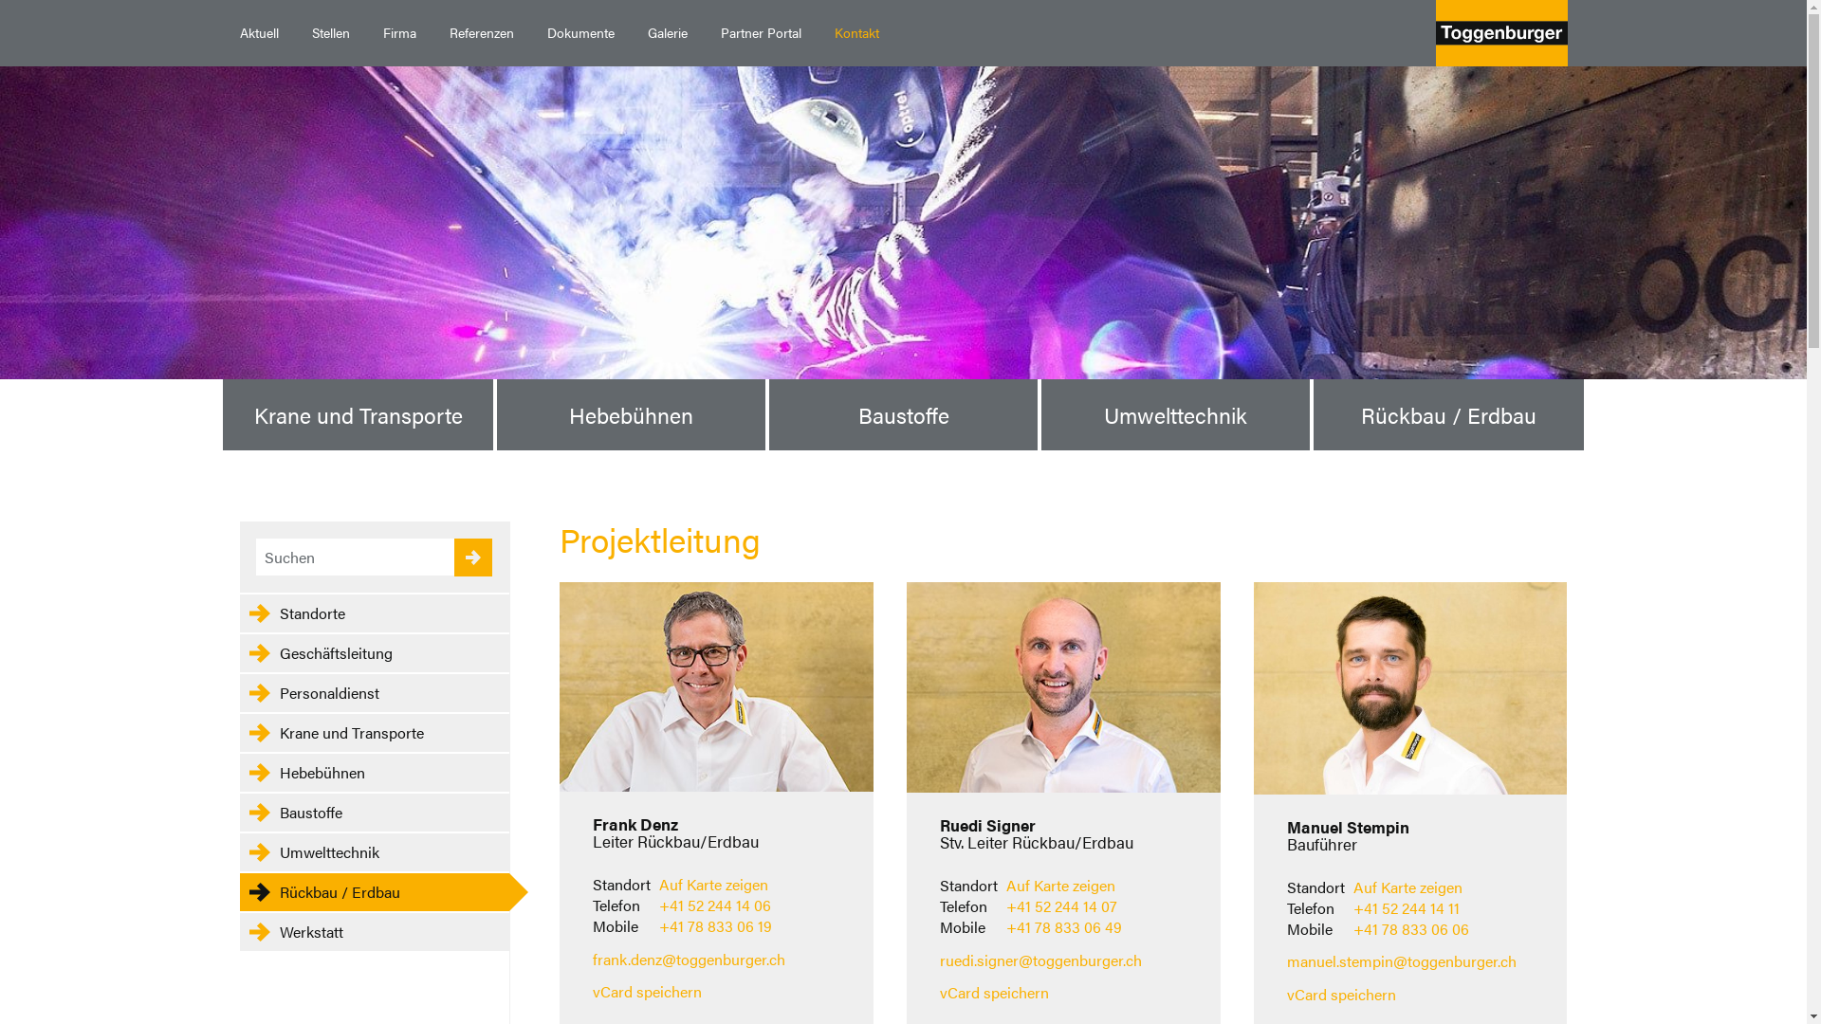  What do you see at coordinates (258, 32) in the screenshot?
I see `'Aktuell'` at bounding box center [258, 32].